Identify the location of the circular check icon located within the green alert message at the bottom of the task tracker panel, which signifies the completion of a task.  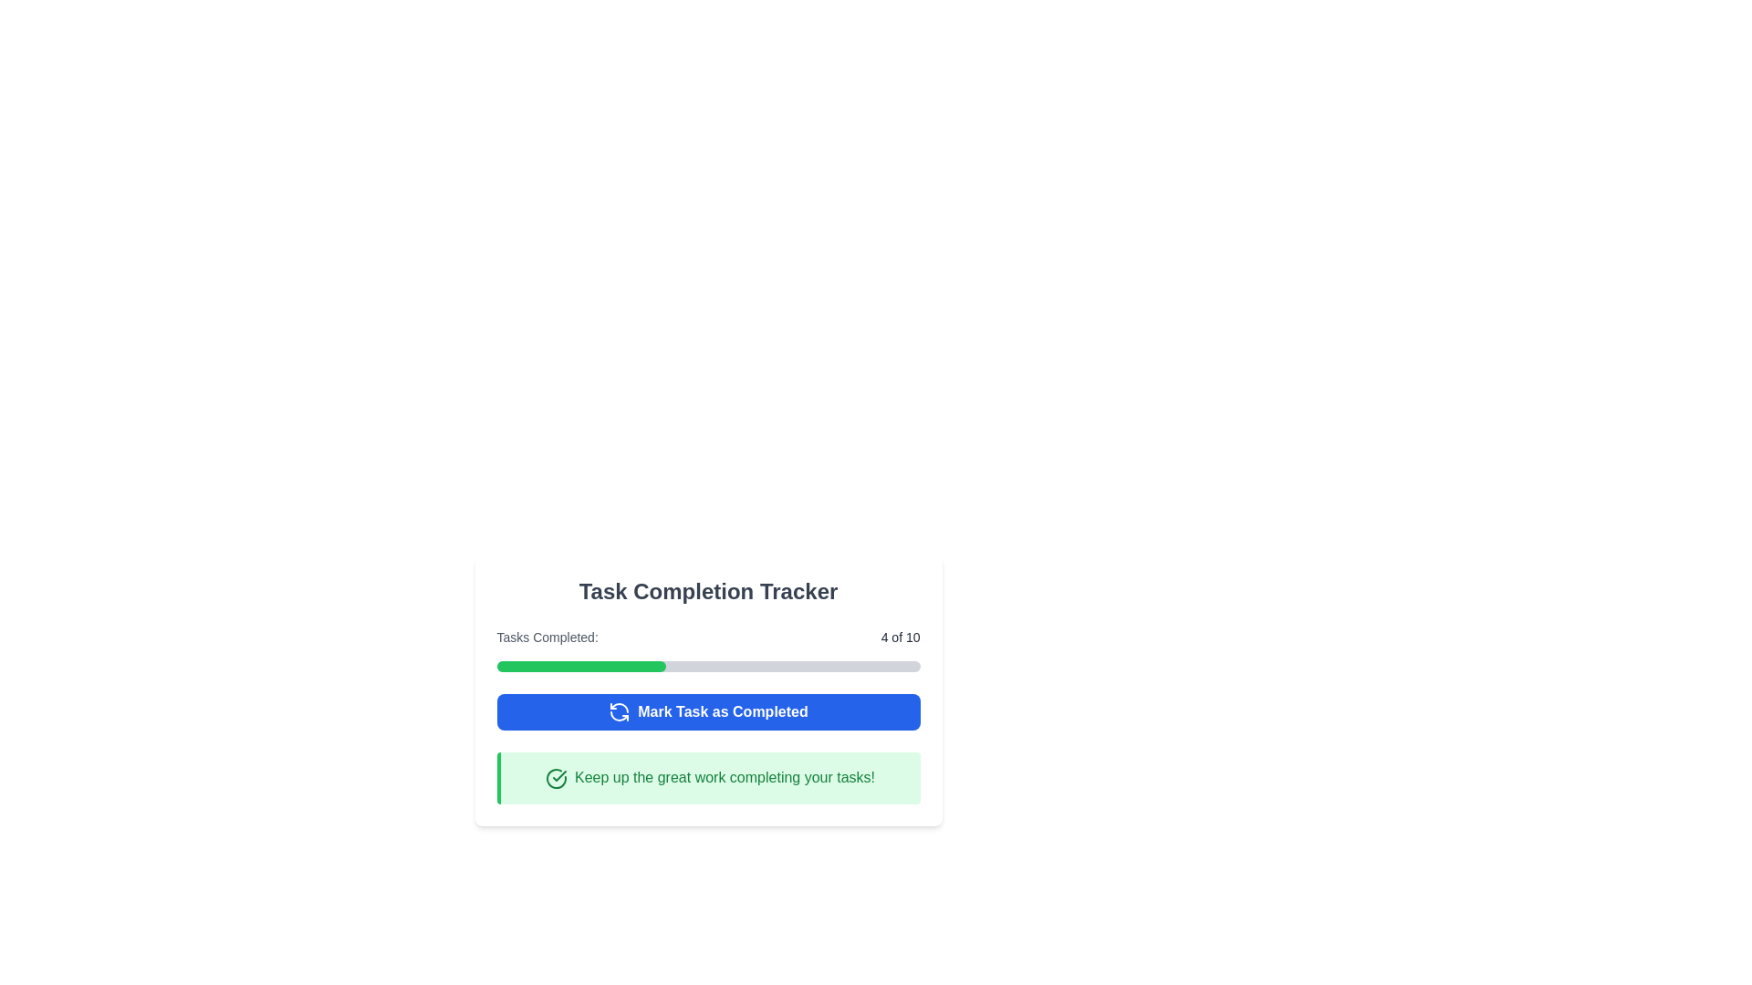
(558, 775).